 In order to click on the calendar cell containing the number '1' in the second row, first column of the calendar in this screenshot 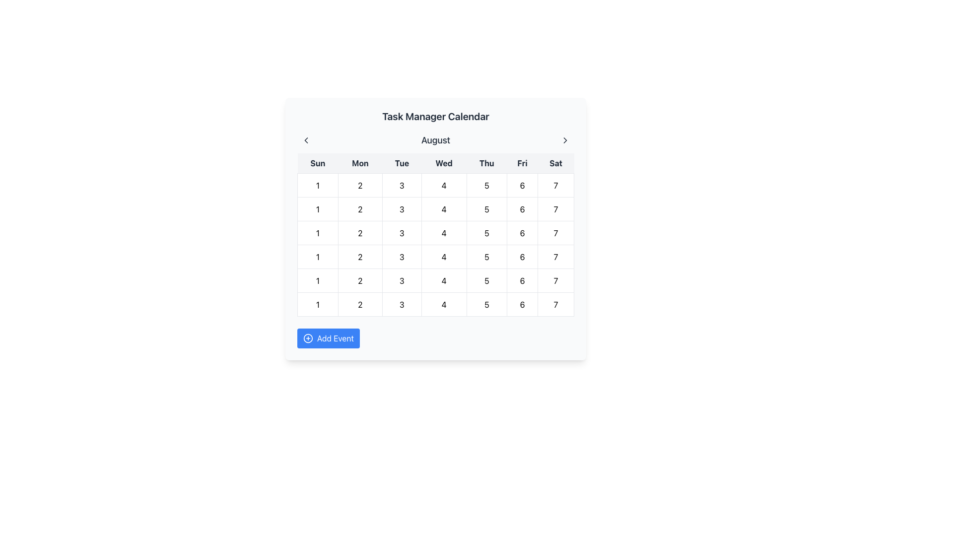, I will do `click(318, 280)`.